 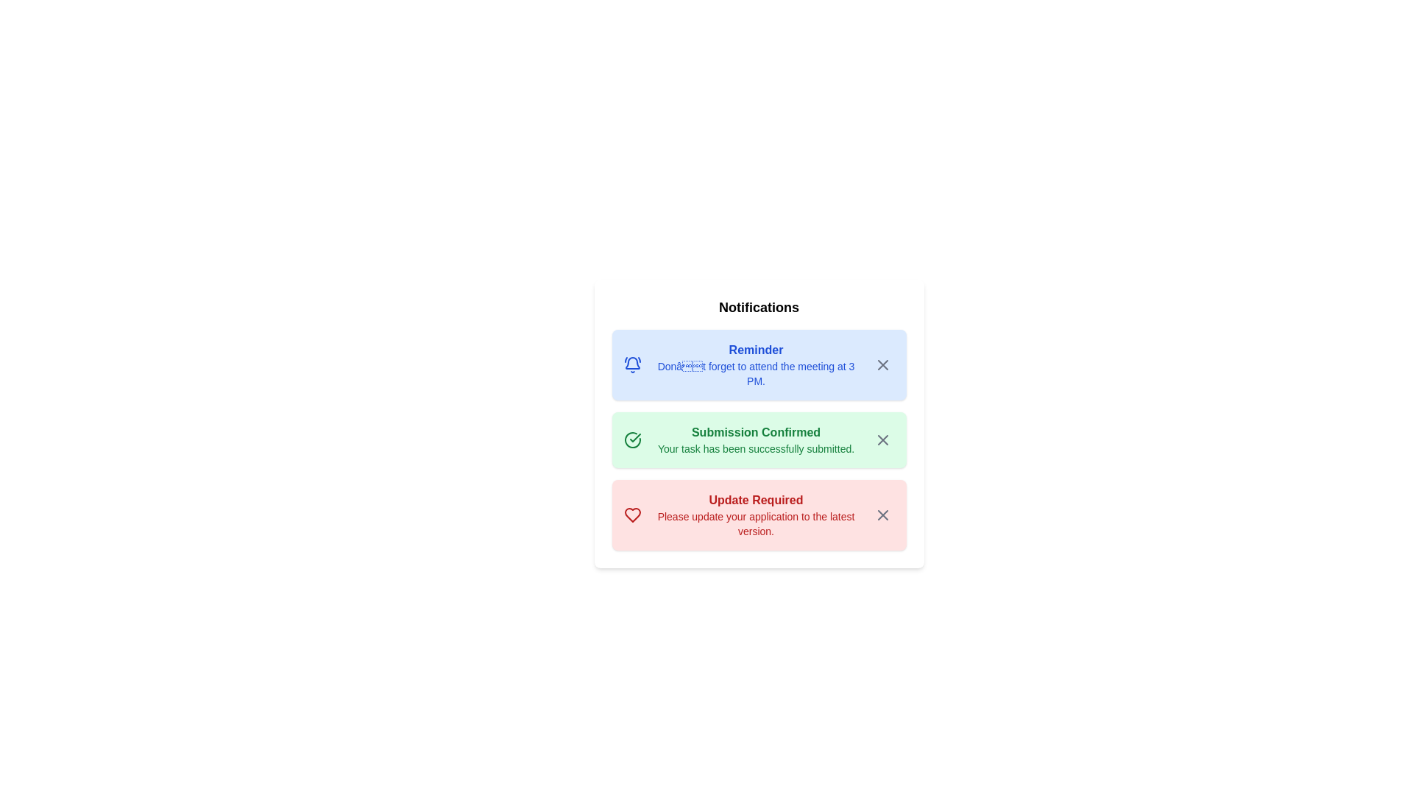 What do you see at coordinates (871, 353) in the screenshot?
I see `the notification icon corresponding to Reminder` at bounding box center [871, 353].